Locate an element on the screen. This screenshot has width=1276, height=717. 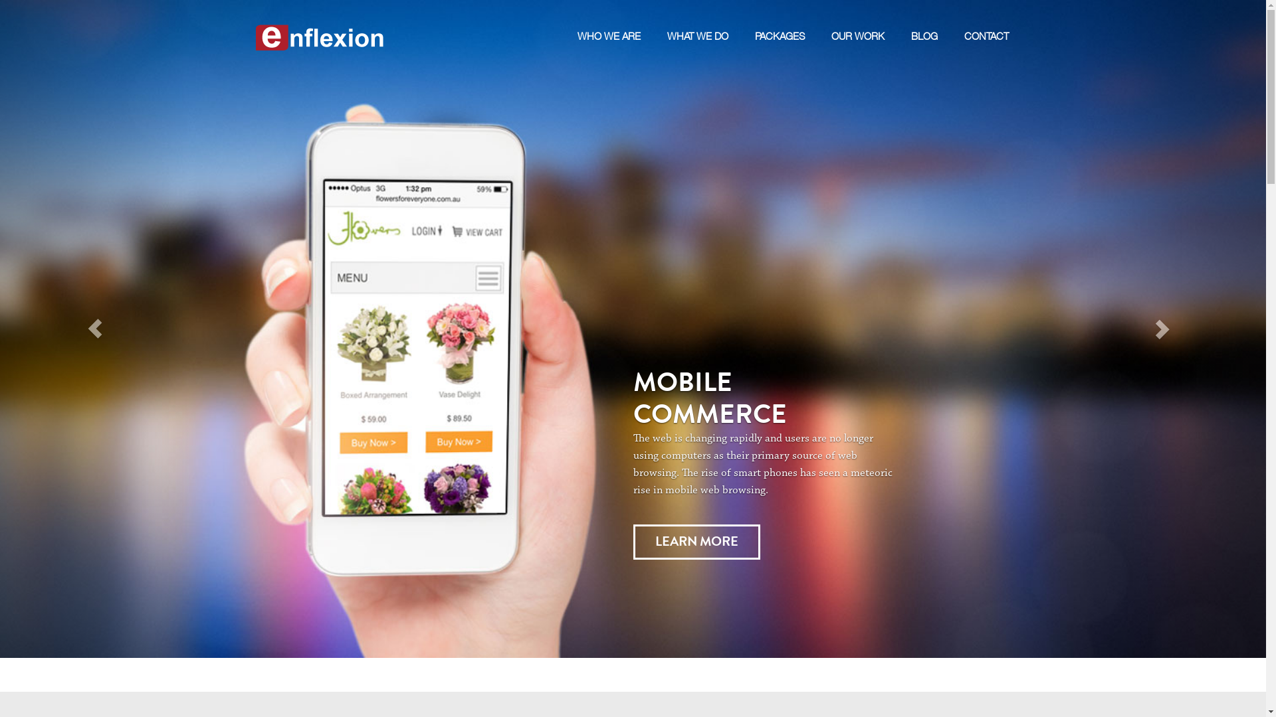
'Enflexion' is located at coordinates (320, 23).